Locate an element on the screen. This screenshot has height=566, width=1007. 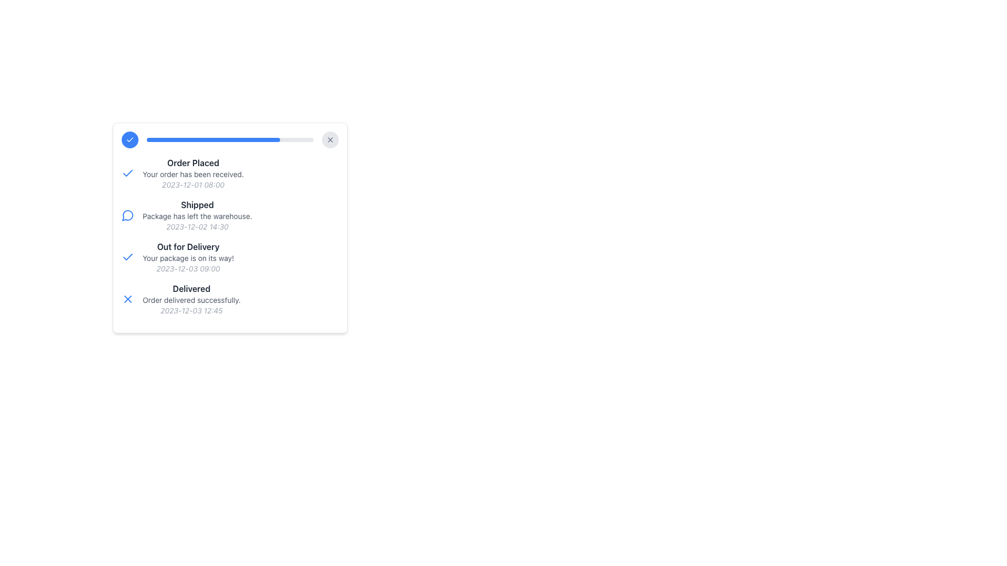
the text snippet that reads 'Order delivered successfully.' which is styled in gray color and positioned within a progress card, below 'Delivered' and above the timestamp is located at coordinates (191, 300).